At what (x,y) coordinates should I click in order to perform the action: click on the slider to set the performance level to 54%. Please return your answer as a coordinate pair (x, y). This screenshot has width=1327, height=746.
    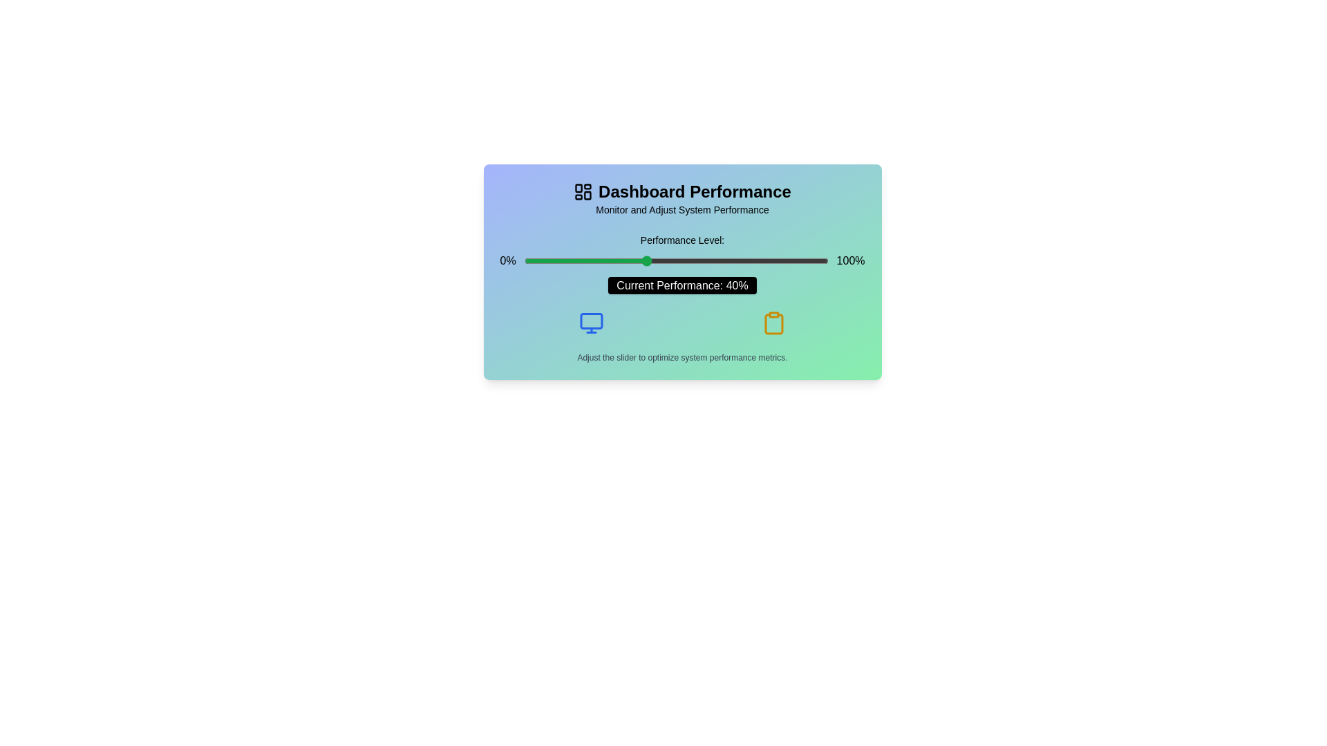
    Looking at the image, I should click on (688, 261).